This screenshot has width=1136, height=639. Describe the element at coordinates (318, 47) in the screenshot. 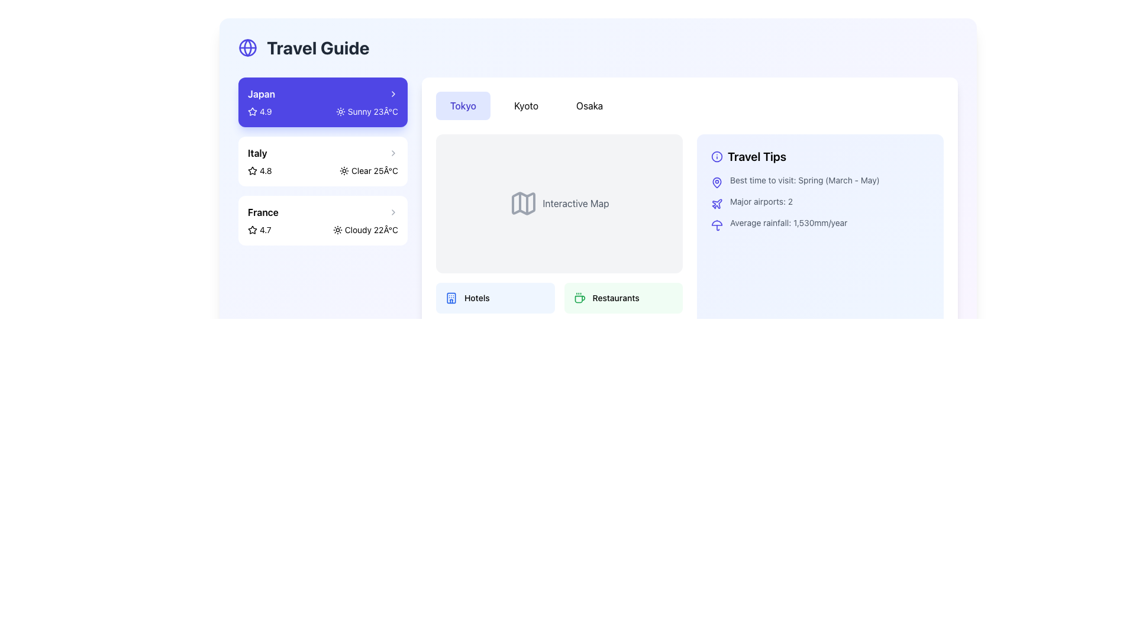

I see `the heading text 'Travel Guide'` at that location.